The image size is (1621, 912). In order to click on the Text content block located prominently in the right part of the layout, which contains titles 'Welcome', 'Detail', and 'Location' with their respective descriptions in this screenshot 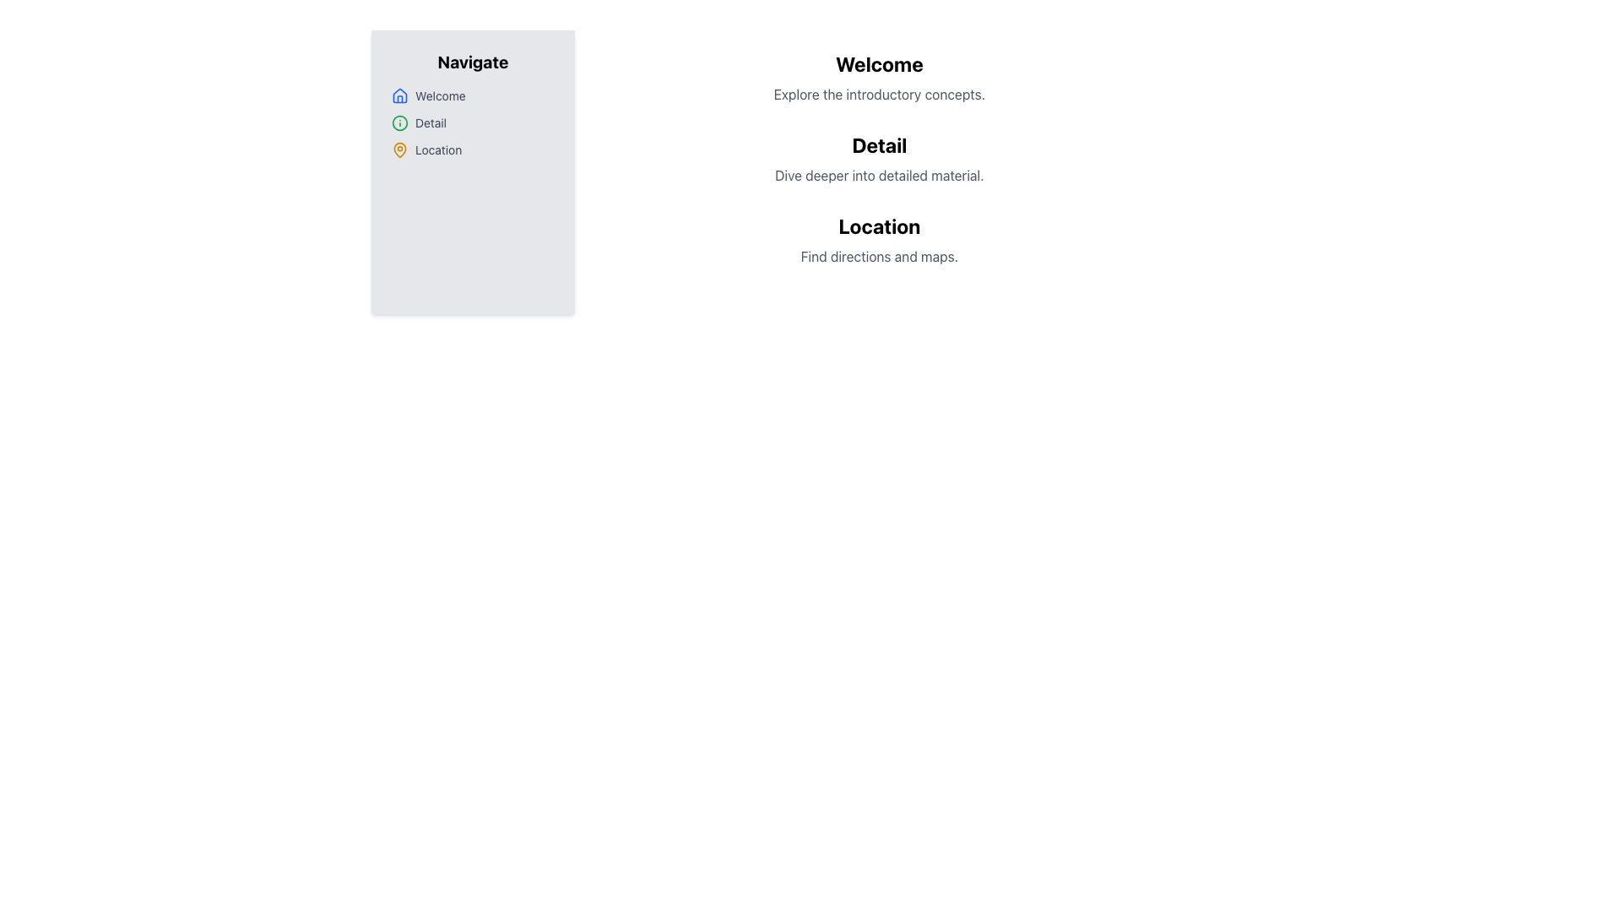, I will do `click(878, 172)`.